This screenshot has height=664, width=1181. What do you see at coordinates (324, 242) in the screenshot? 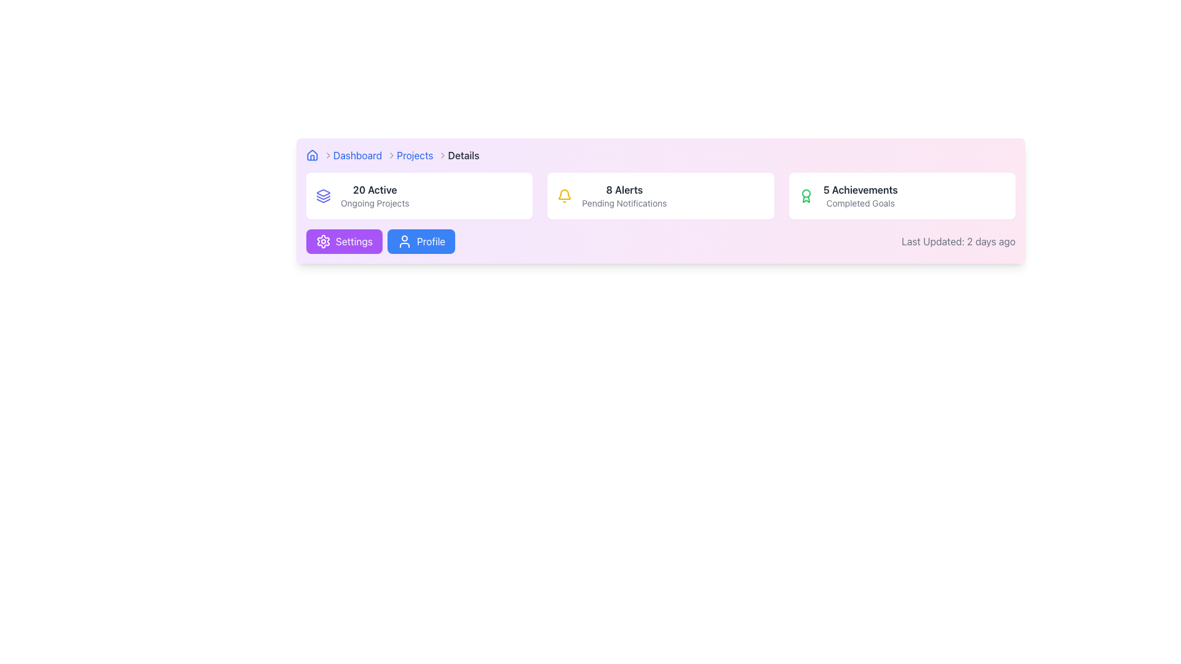
I see `the gear icon located to the left of the 'Settings' button at the bottom-left corner of the interaction section` at bounding box center [324, 242].